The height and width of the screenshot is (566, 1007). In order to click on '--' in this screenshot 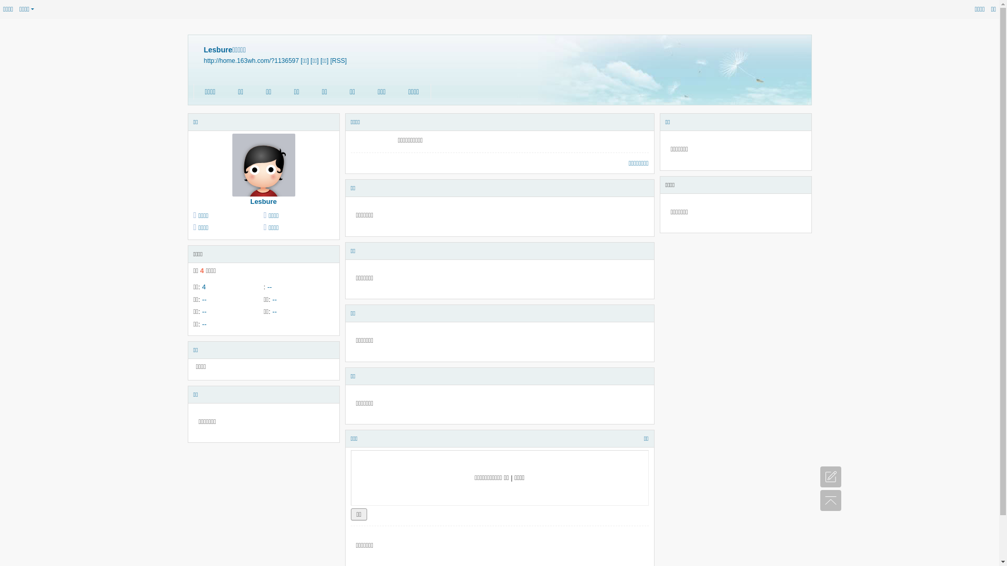, I will do `click(270, 287)`.